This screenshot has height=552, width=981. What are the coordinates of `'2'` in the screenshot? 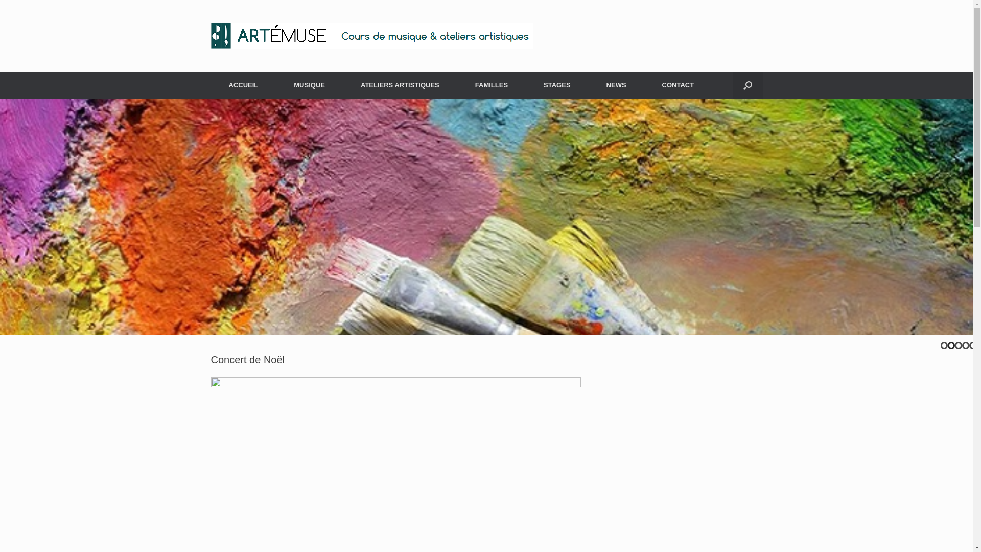 It's located at (951, 345).